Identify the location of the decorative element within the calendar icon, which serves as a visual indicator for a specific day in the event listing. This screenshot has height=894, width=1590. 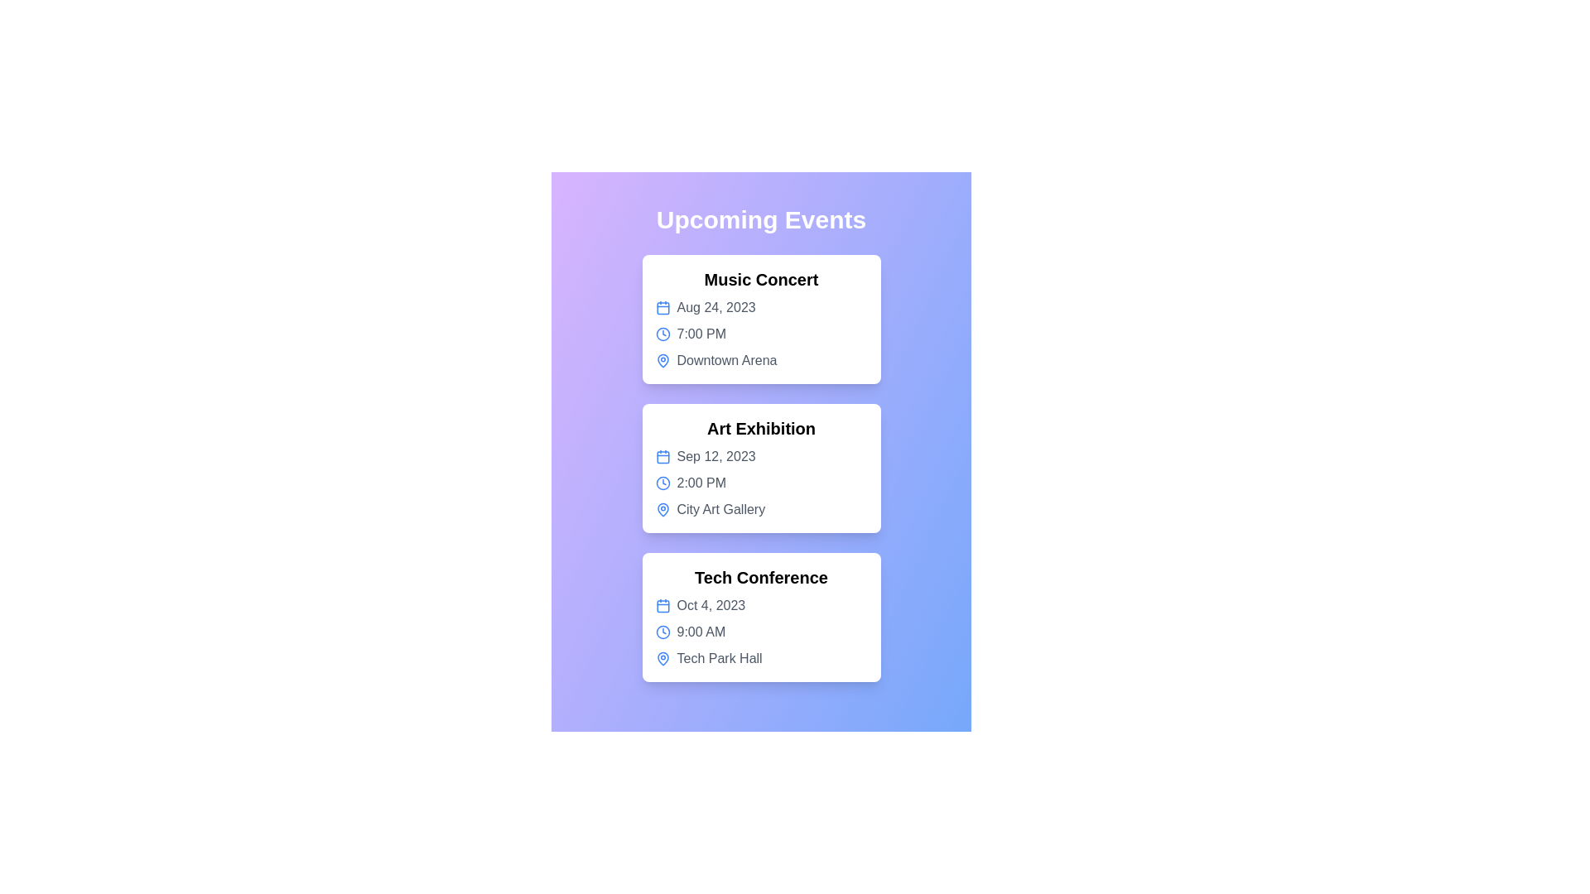
(662, 457).